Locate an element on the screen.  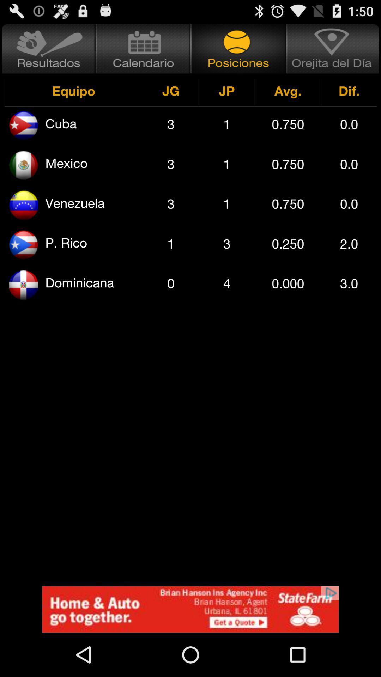
statefarm icon is located at coordinates (190, 609).